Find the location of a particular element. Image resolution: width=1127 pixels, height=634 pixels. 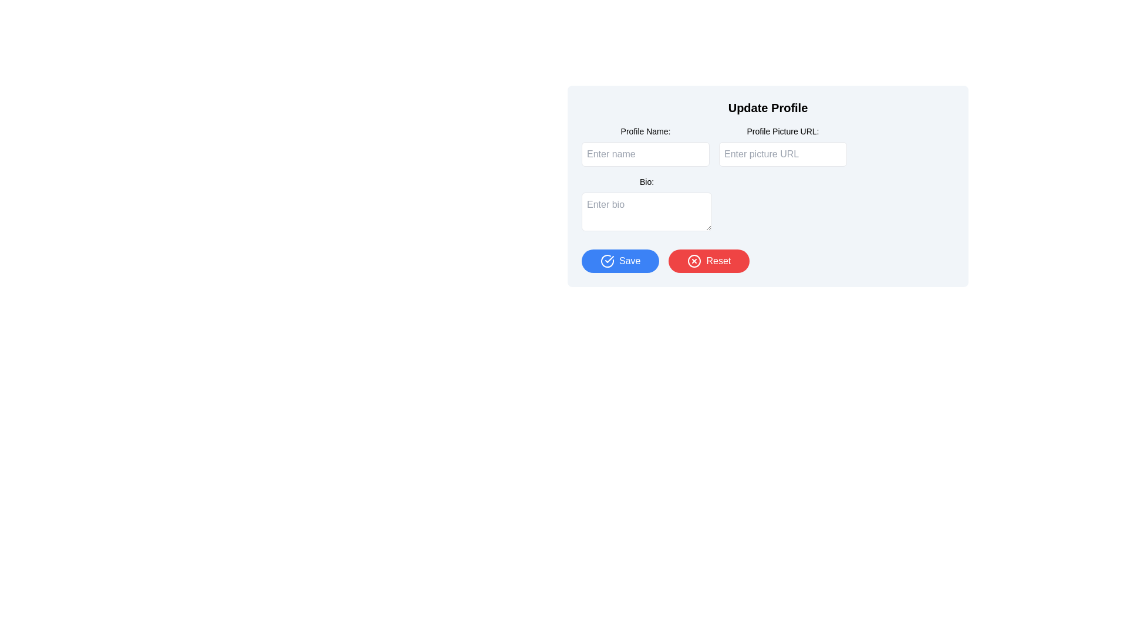

text of the 'Update Profile' label, which is a bold text element positioned at the top of its section is located at coordinates (768, 108).